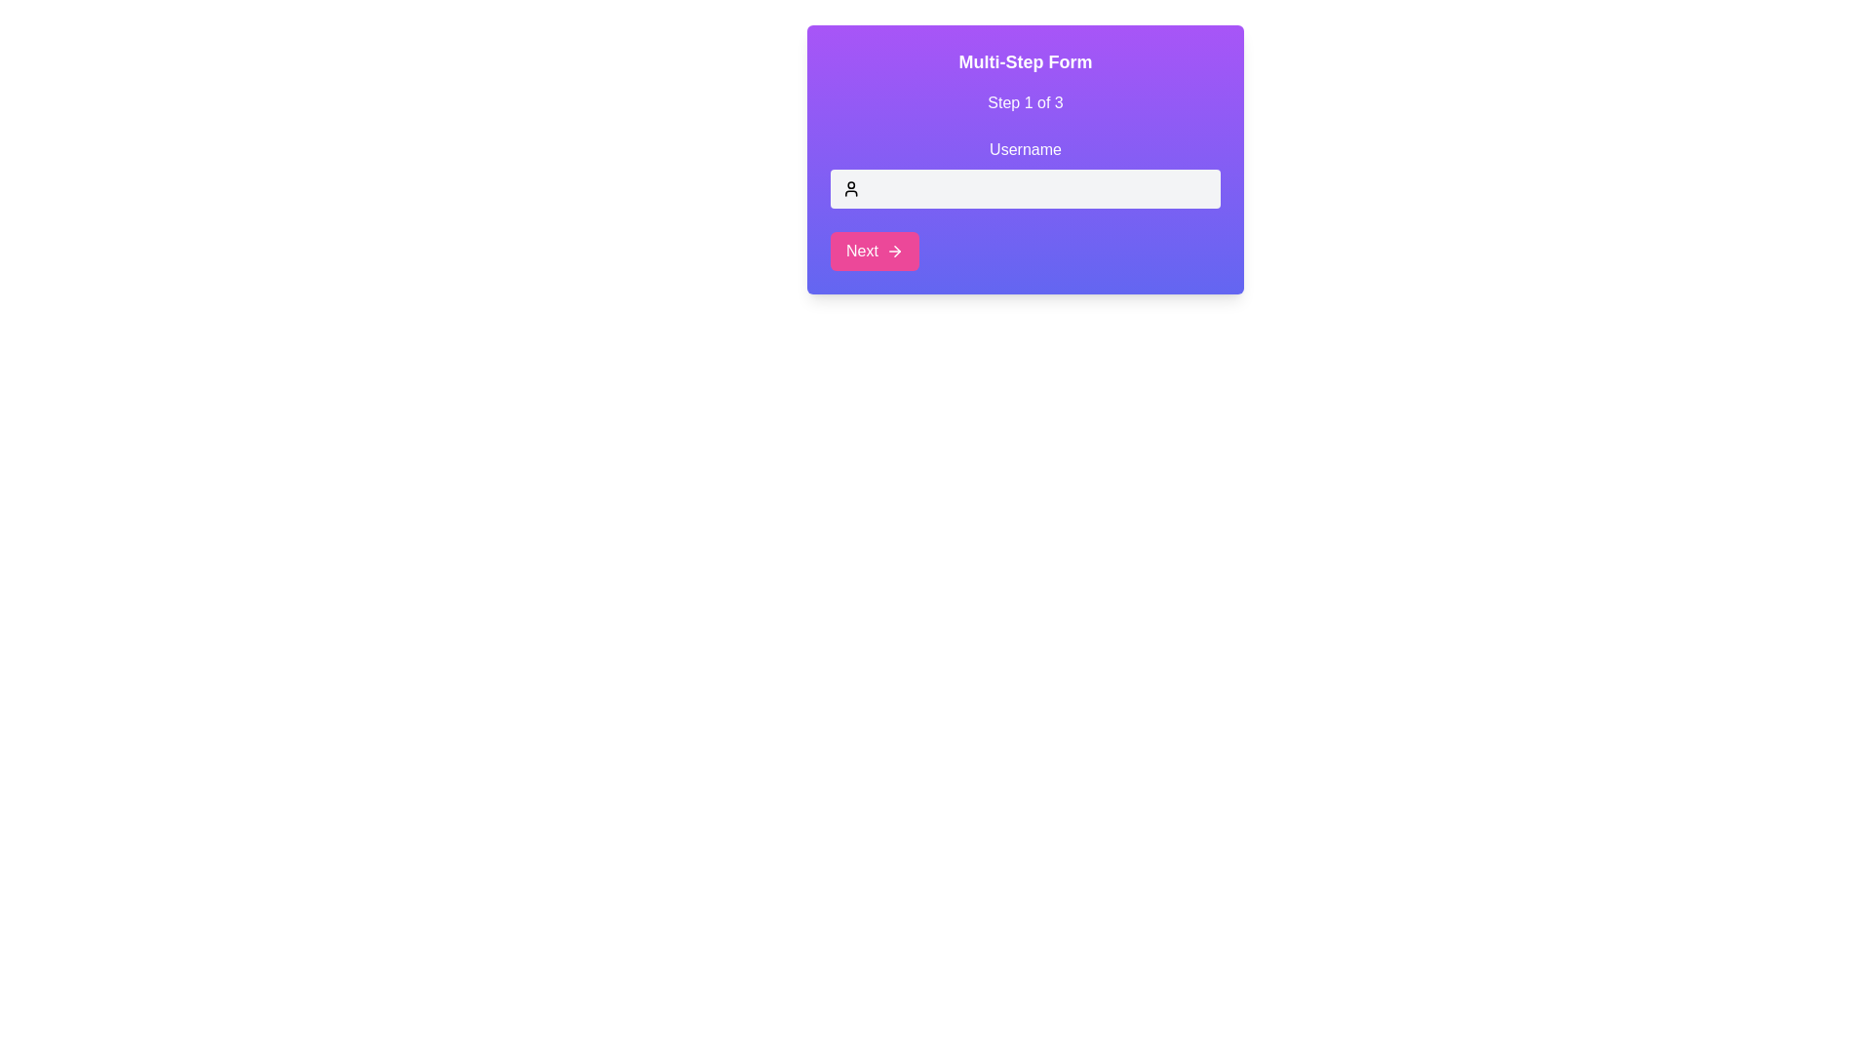 The image size is (1872, 1053). Describe the element at coordinates (893, 251) in the screenshot. I see `the forward arrow icon within the pink 'Next' button located at the lower-left section of the main interface card` at that location.